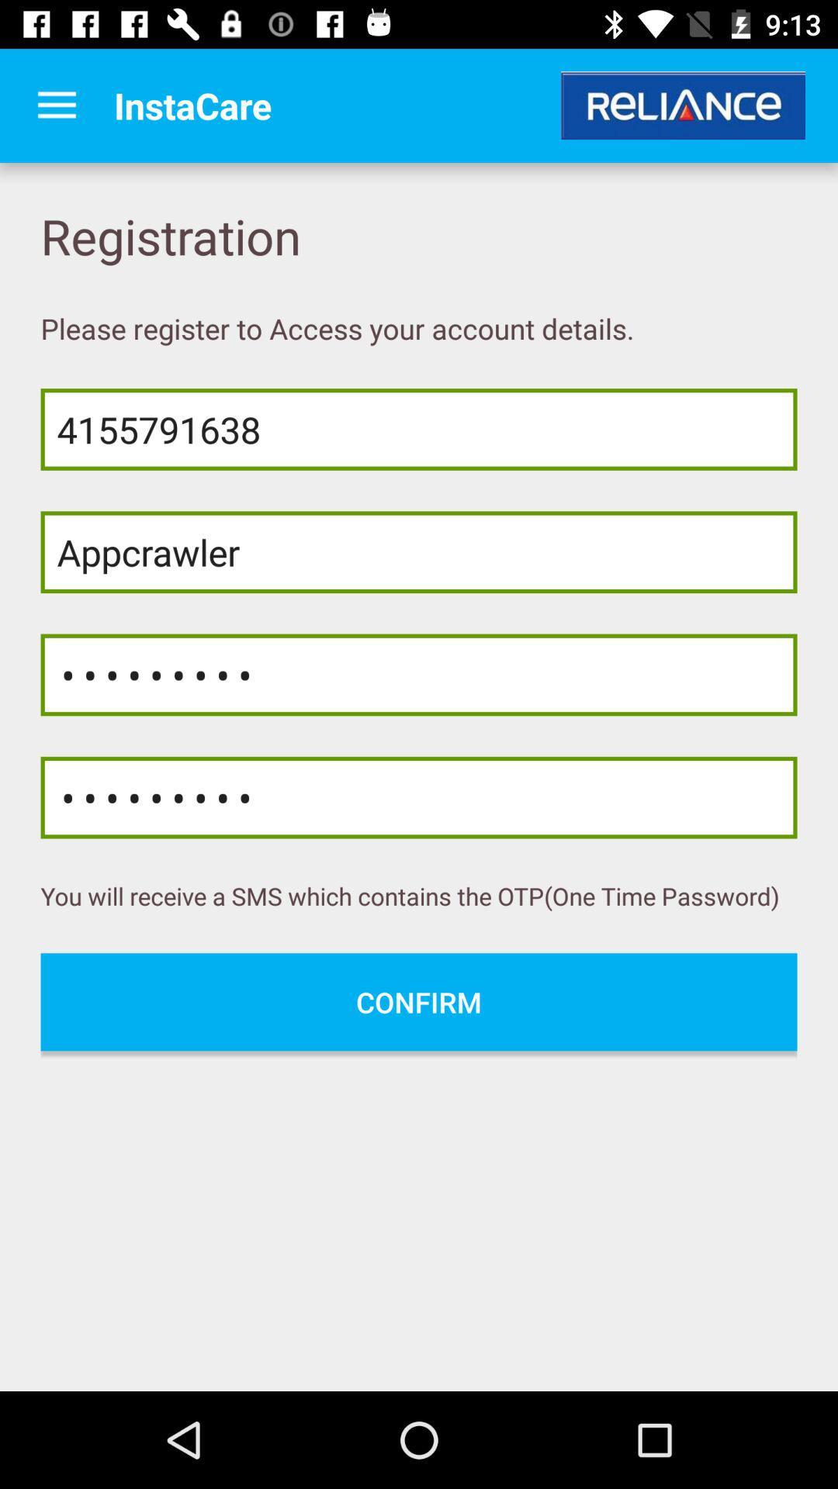 This screenshot has width=838, height=1489. What do you see at coordinates (419, 429) in the screenshot?
I see `item above appcrawler` at bounding box center [419, 429].